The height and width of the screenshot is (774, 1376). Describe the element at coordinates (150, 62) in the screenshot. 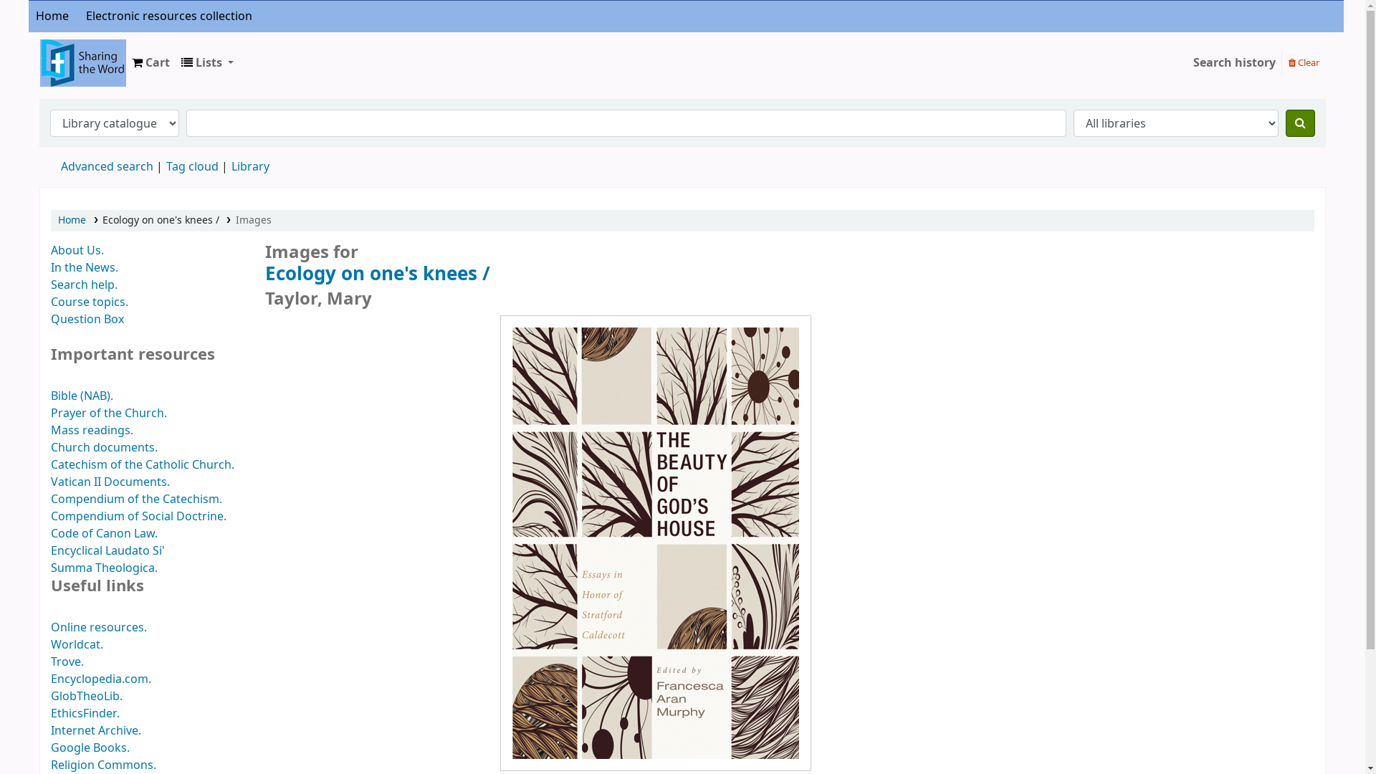

I see `'Cart'` at that location.